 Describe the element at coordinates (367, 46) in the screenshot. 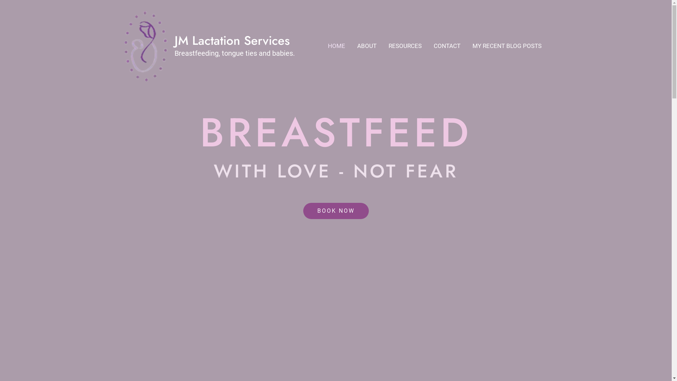

I see `'ABOUT'` at that location.